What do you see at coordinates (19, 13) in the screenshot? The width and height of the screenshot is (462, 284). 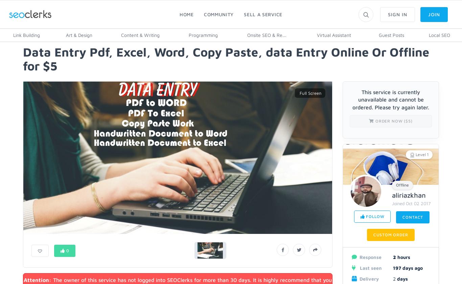 I see `'SEOClerks'` at bounding box center [19, 13].